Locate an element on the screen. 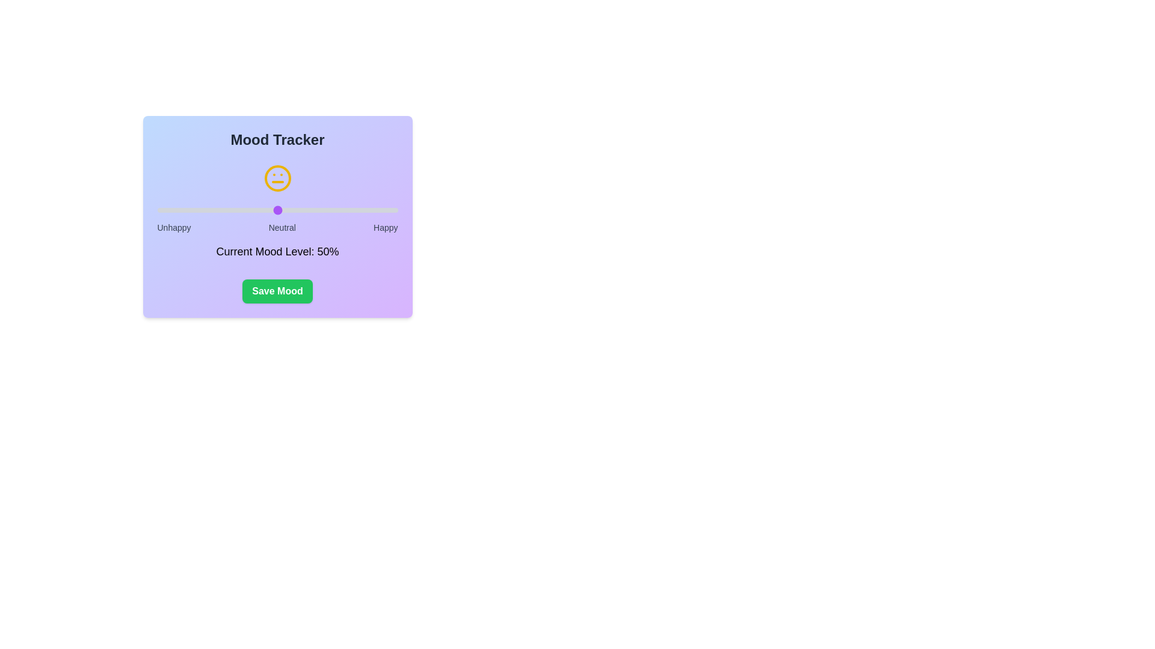 This screenshot has width=1155, height=649. the mood level to 82% using the slider is located at coordinates (354, 210).